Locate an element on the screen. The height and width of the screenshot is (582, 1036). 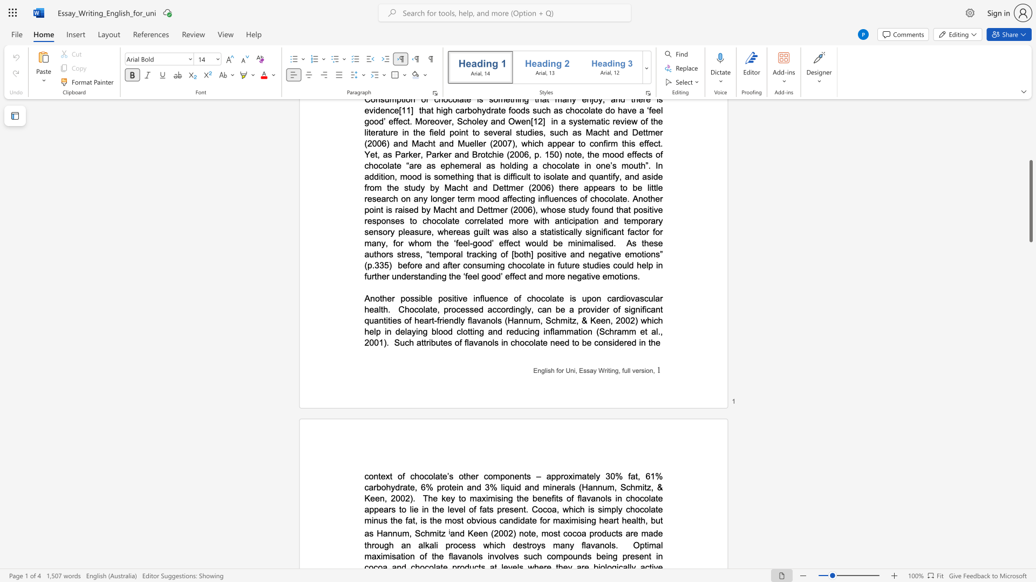
the scrollbar and move down 2340 pixels is located at coordinates (1030, 201).